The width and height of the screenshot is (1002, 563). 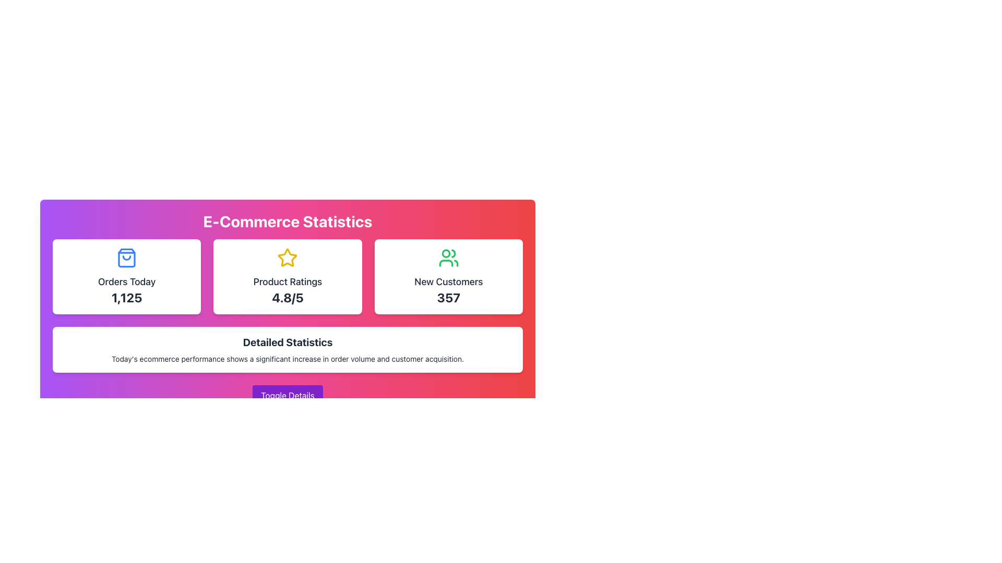 I want to click on the interactive button located at the bottom of the card under the 'Detailed Statistics' section, so click(x=288, y=396).